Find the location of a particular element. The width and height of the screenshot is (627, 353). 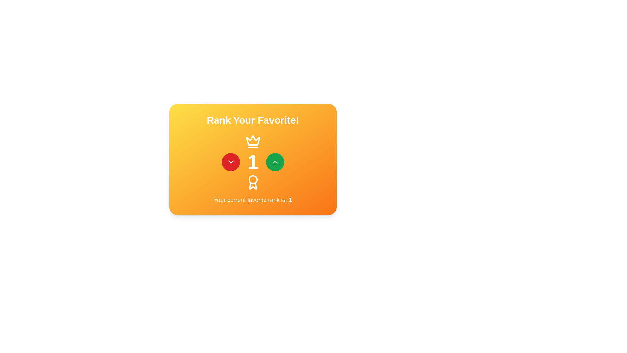

the numeral '1' in the text 'Your current favorite rank is:' located in the lower right of the orange card interface is located at coordinates (290, 200).